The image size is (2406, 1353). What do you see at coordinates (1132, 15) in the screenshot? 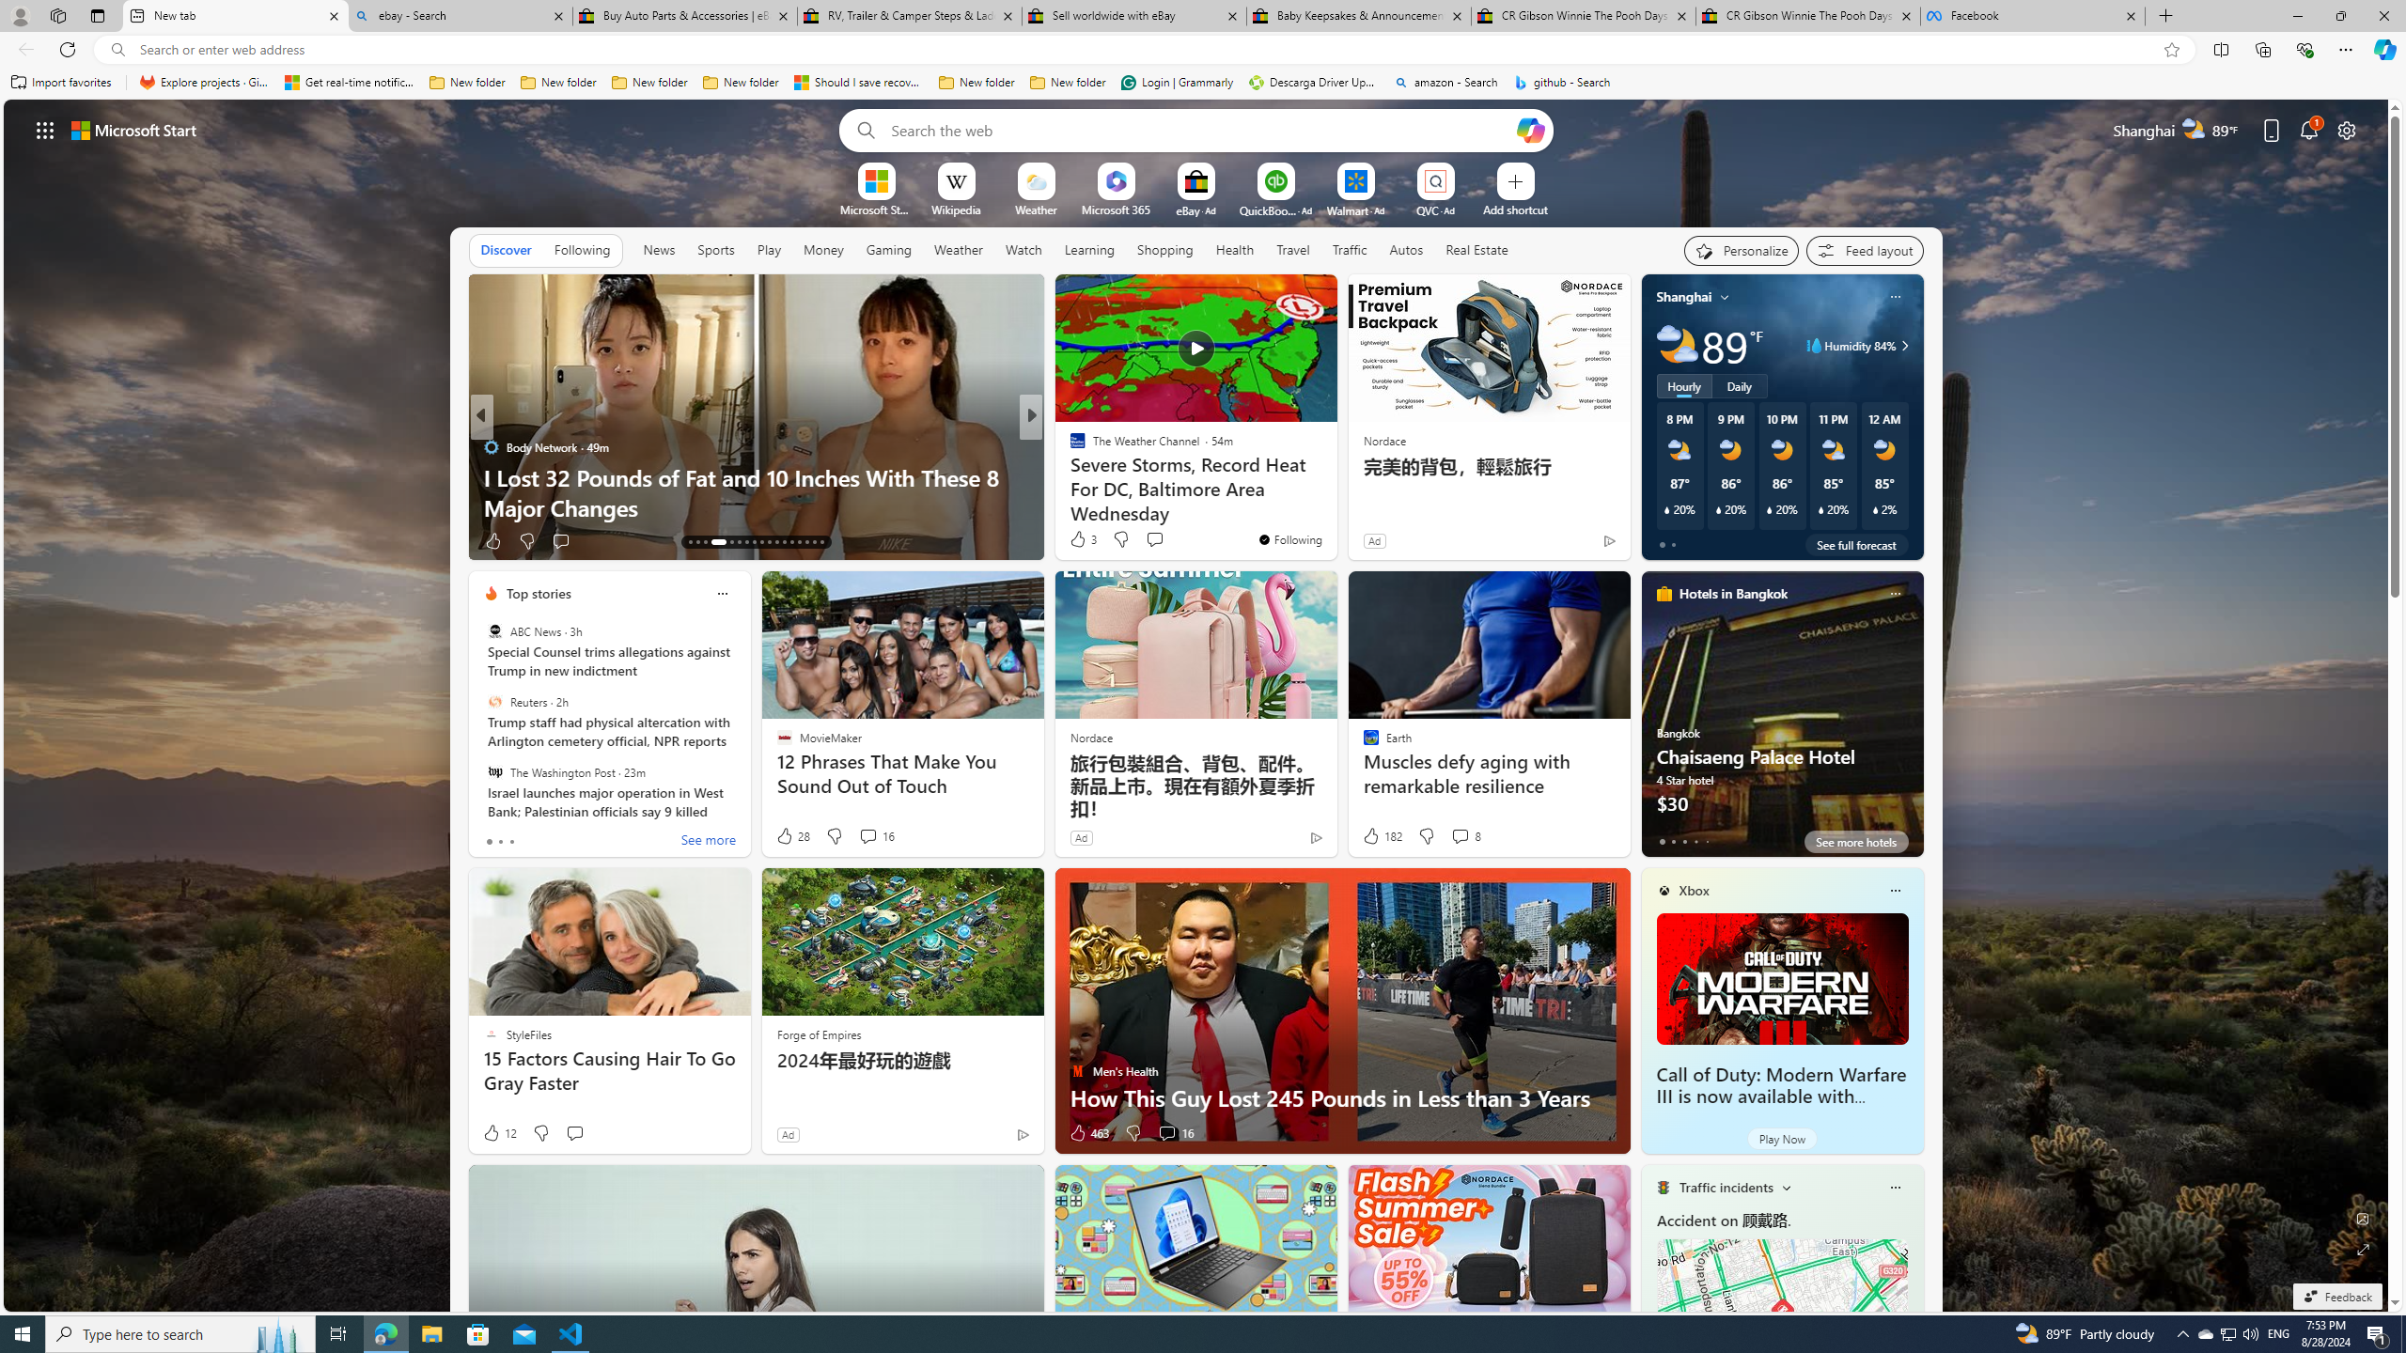
I see `'Sell worldwide with eBay'` at bounding box center [1132, 15].